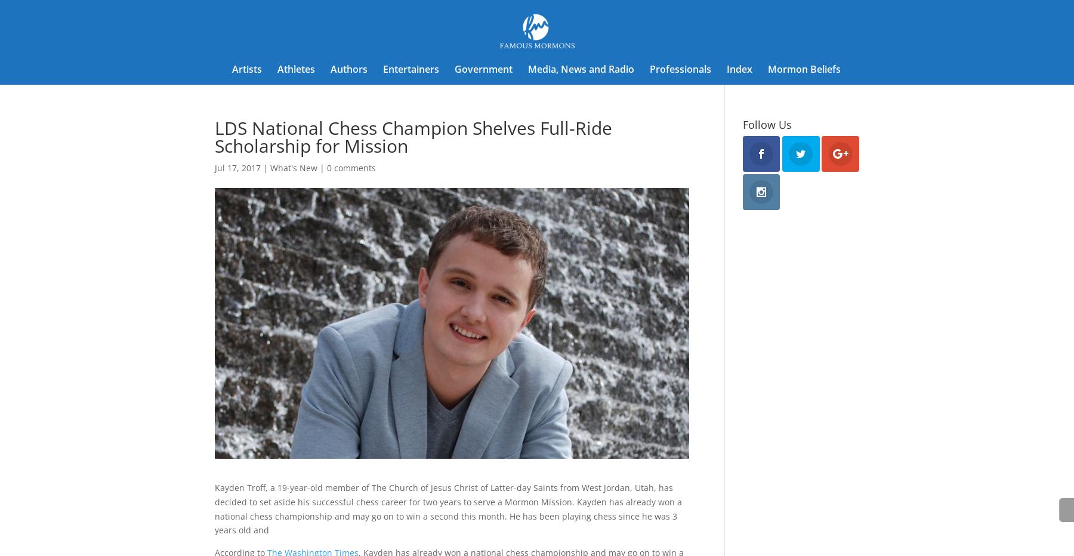 Image resolution: width=1074 pixels, height=556 pixels. What do you see at coordinates (739, 69) in the screenshot?
I see `'Index'` at bounding box center [739, 69].